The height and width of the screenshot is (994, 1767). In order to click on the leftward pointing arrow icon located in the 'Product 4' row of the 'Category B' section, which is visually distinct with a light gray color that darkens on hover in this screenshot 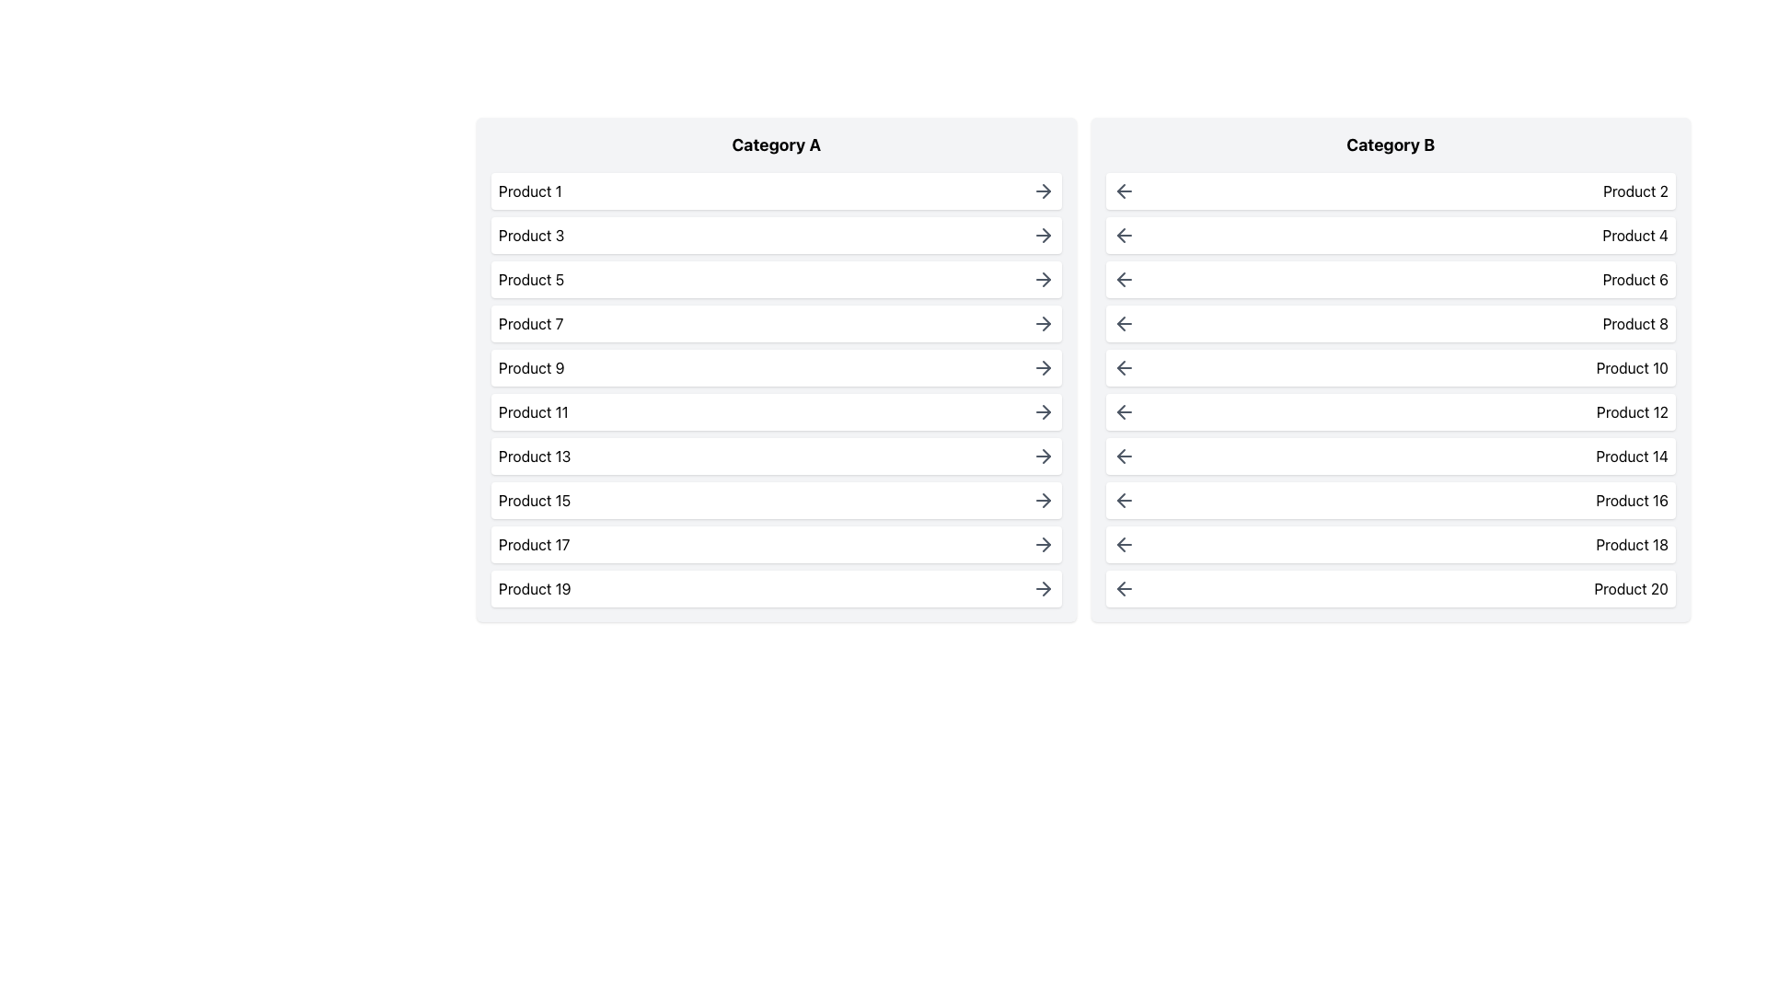, I will do `click(1123, 234)`.